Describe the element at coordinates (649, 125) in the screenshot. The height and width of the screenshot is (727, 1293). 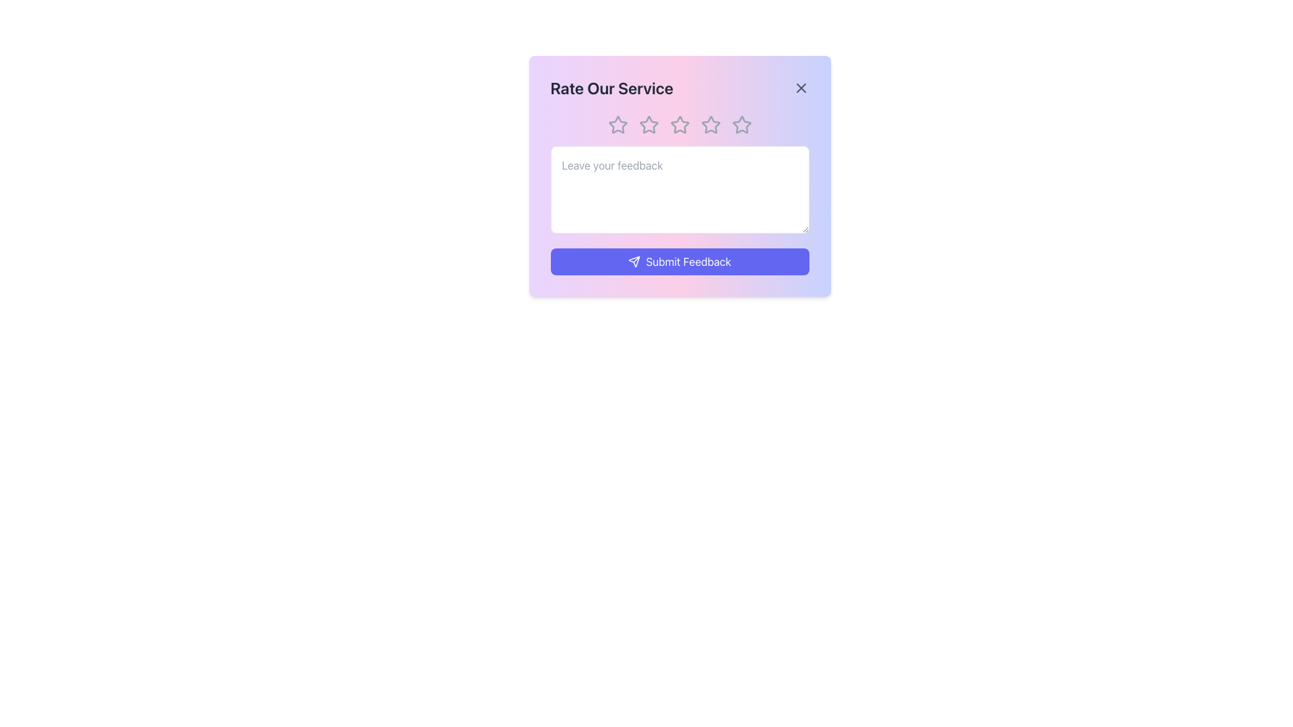
I see `the second star icon in the horizontal list of five star icons to change its color to yellow` at that location.